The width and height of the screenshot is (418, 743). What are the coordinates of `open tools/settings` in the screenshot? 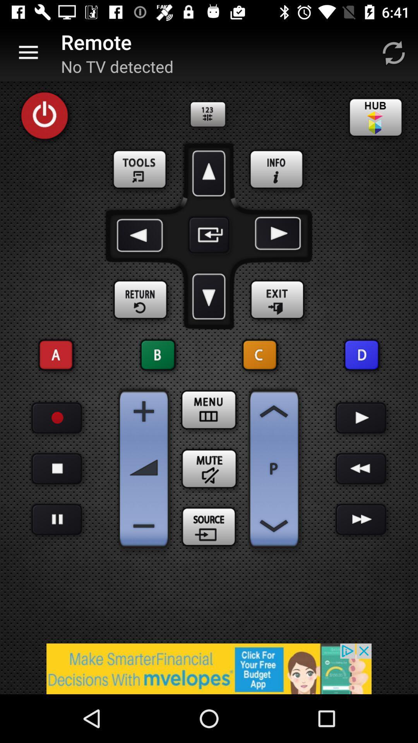 It's located at (140, 169).